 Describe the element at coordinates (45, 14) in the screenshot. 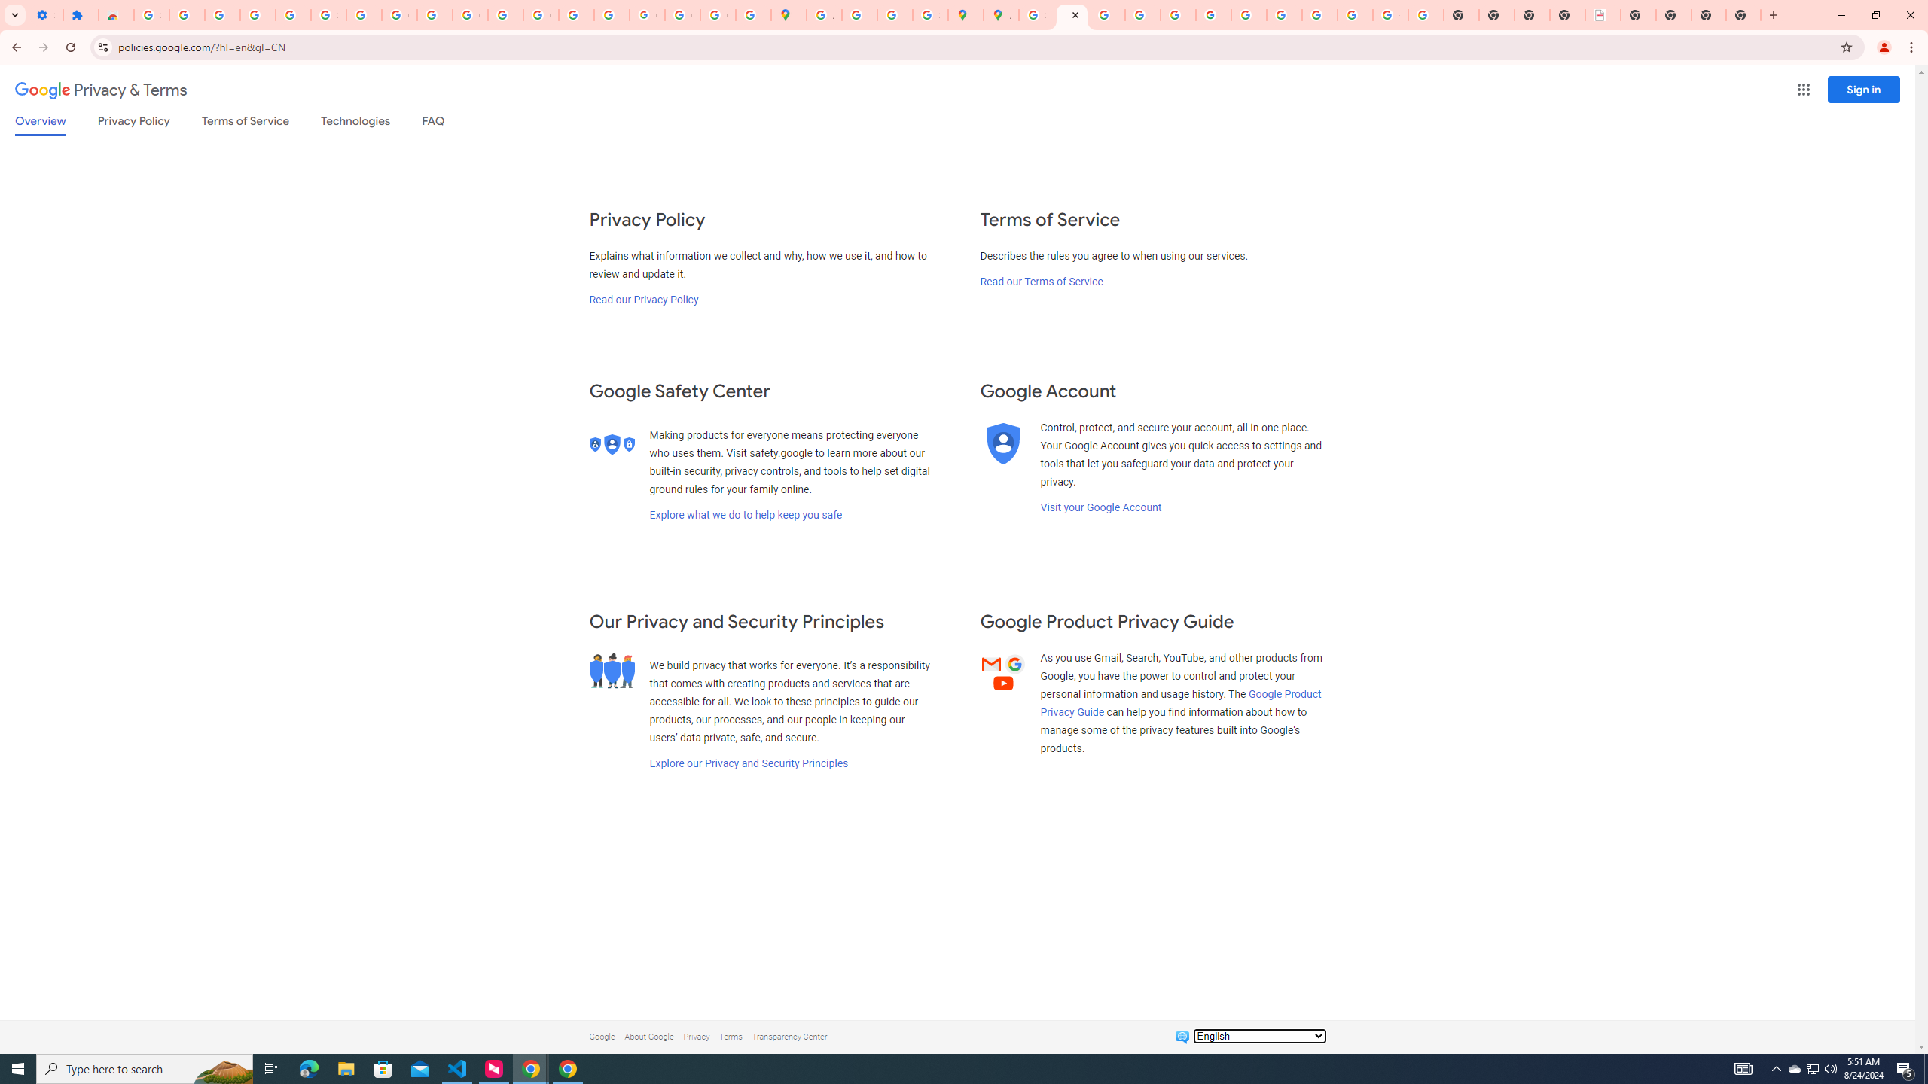

I see `'Settings - On startup'` at that location.